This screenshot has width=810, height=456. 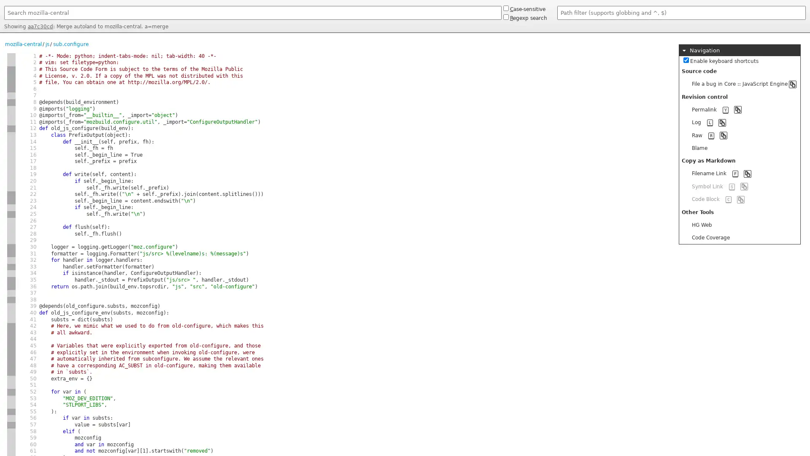 I want to click on Search, so click(x=4, y=21).